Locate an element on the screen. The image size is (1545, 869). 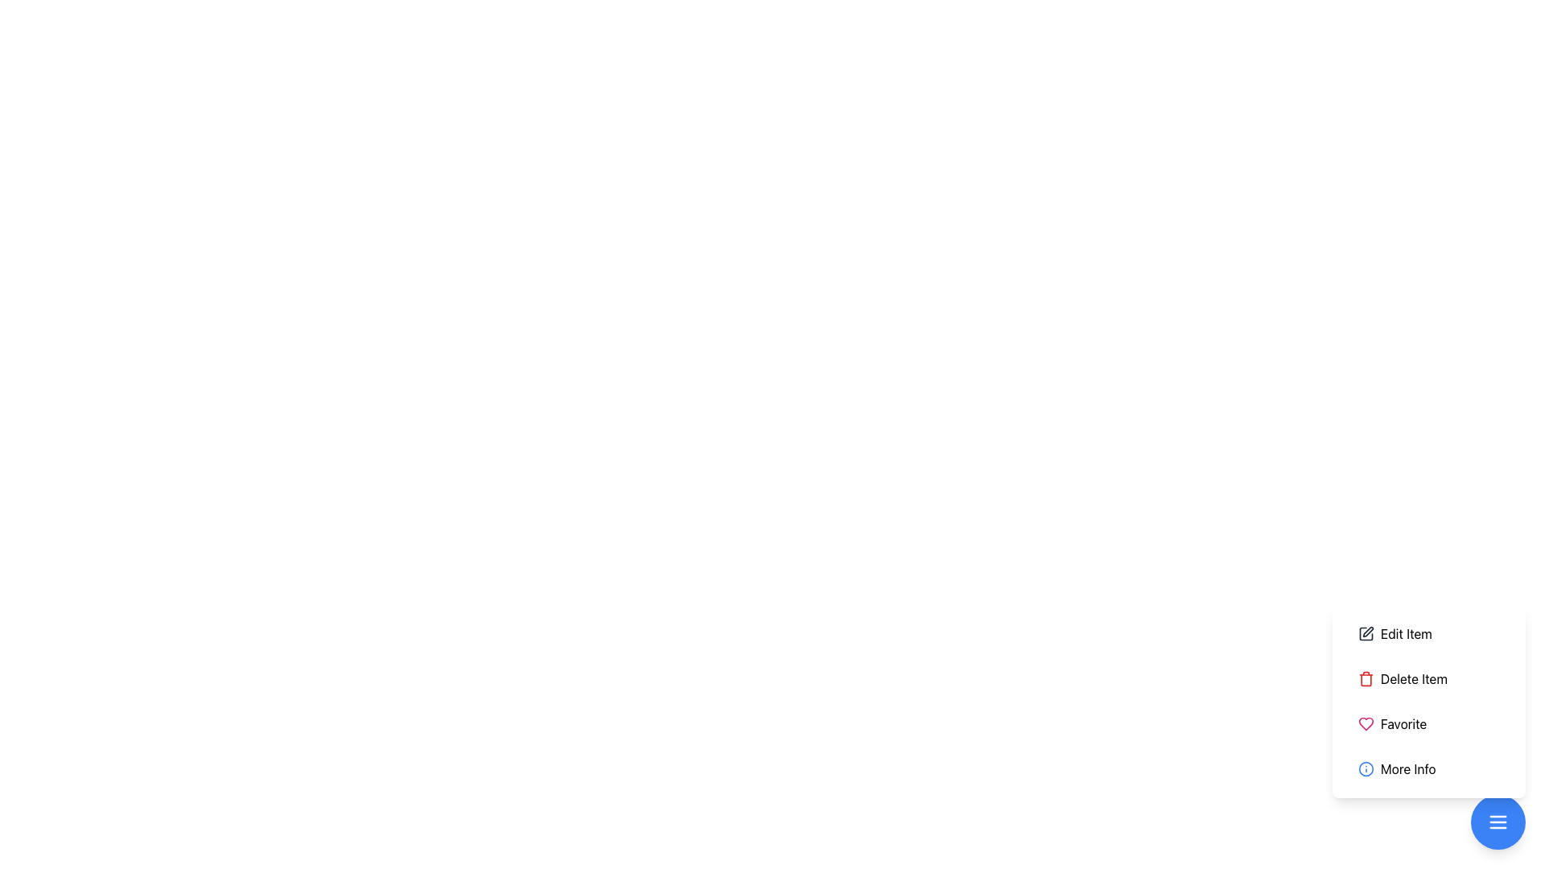
the 'Favorite' icon located to the left of the 'Favorite' text label in the vertical menu is located at coordinates (1366, 723).